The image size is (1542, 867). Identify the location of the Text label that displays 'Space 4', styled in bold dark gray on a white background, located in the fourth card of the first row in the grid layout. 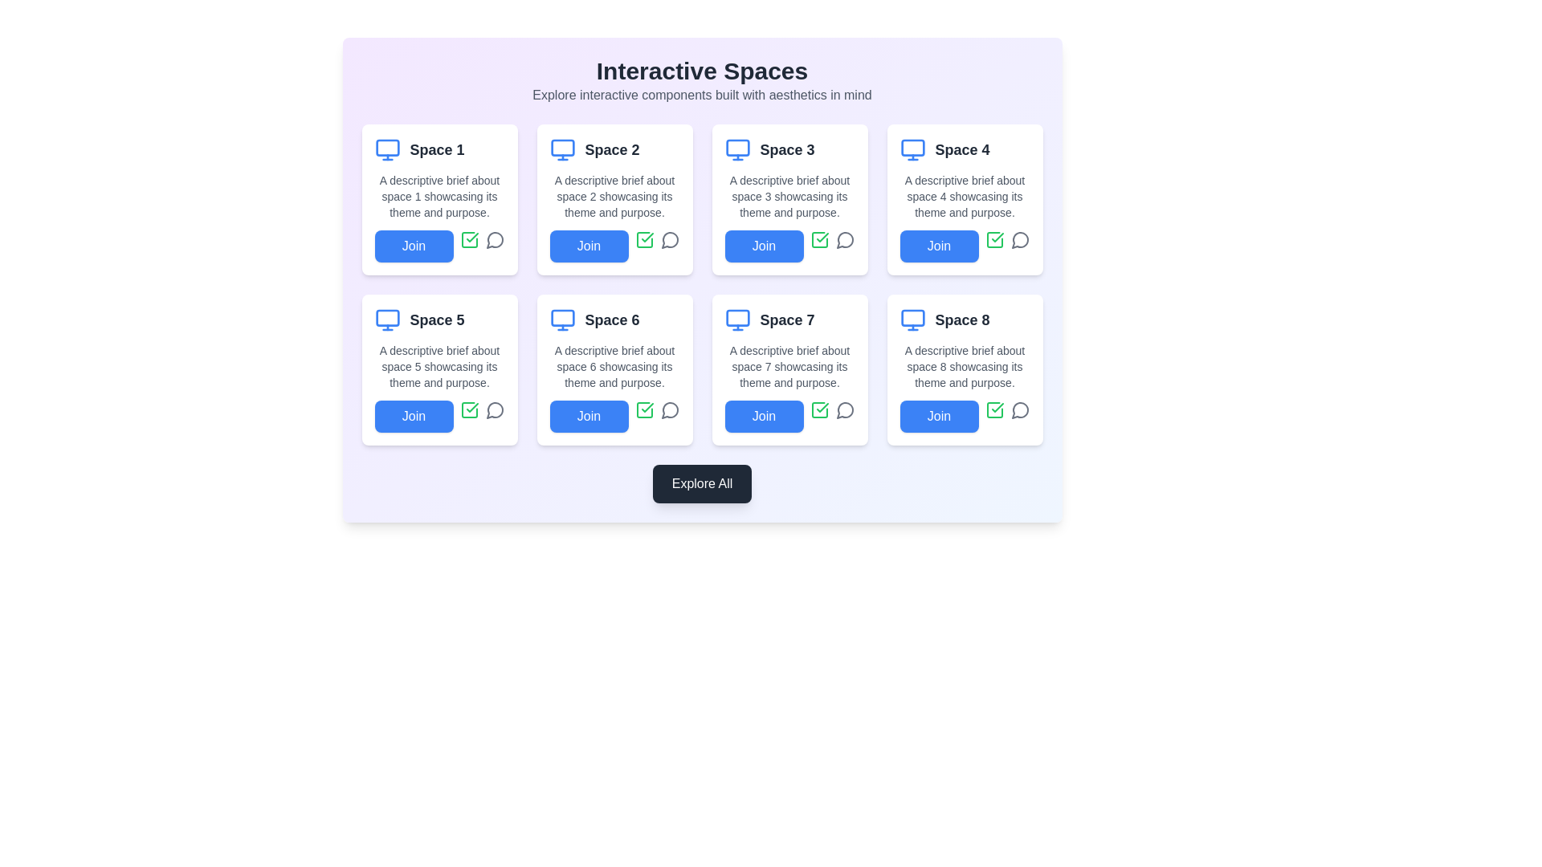
(962, 149).